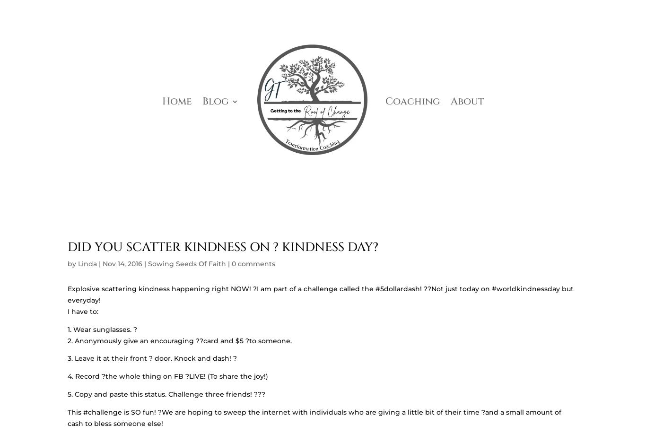 The width and height of the screenshot is (646, 434). Describe the element at coordinates (250, 262) in the screenshot. I see `'What Season Are You In?'` at that location.